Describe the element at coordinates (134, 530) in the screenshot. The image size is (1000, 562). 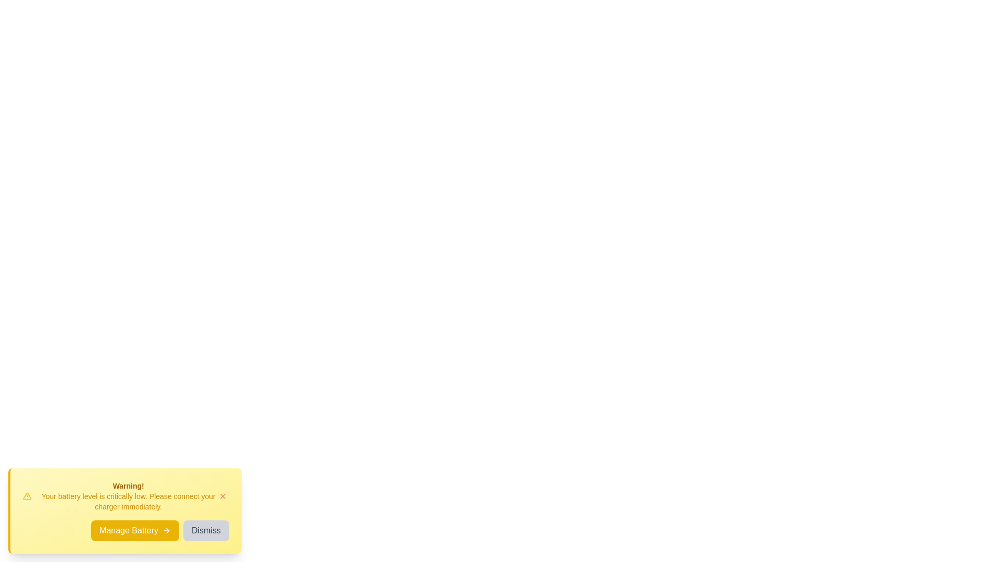
I see `the 'Manage Battery' button to navigate to battery settings` at that location.